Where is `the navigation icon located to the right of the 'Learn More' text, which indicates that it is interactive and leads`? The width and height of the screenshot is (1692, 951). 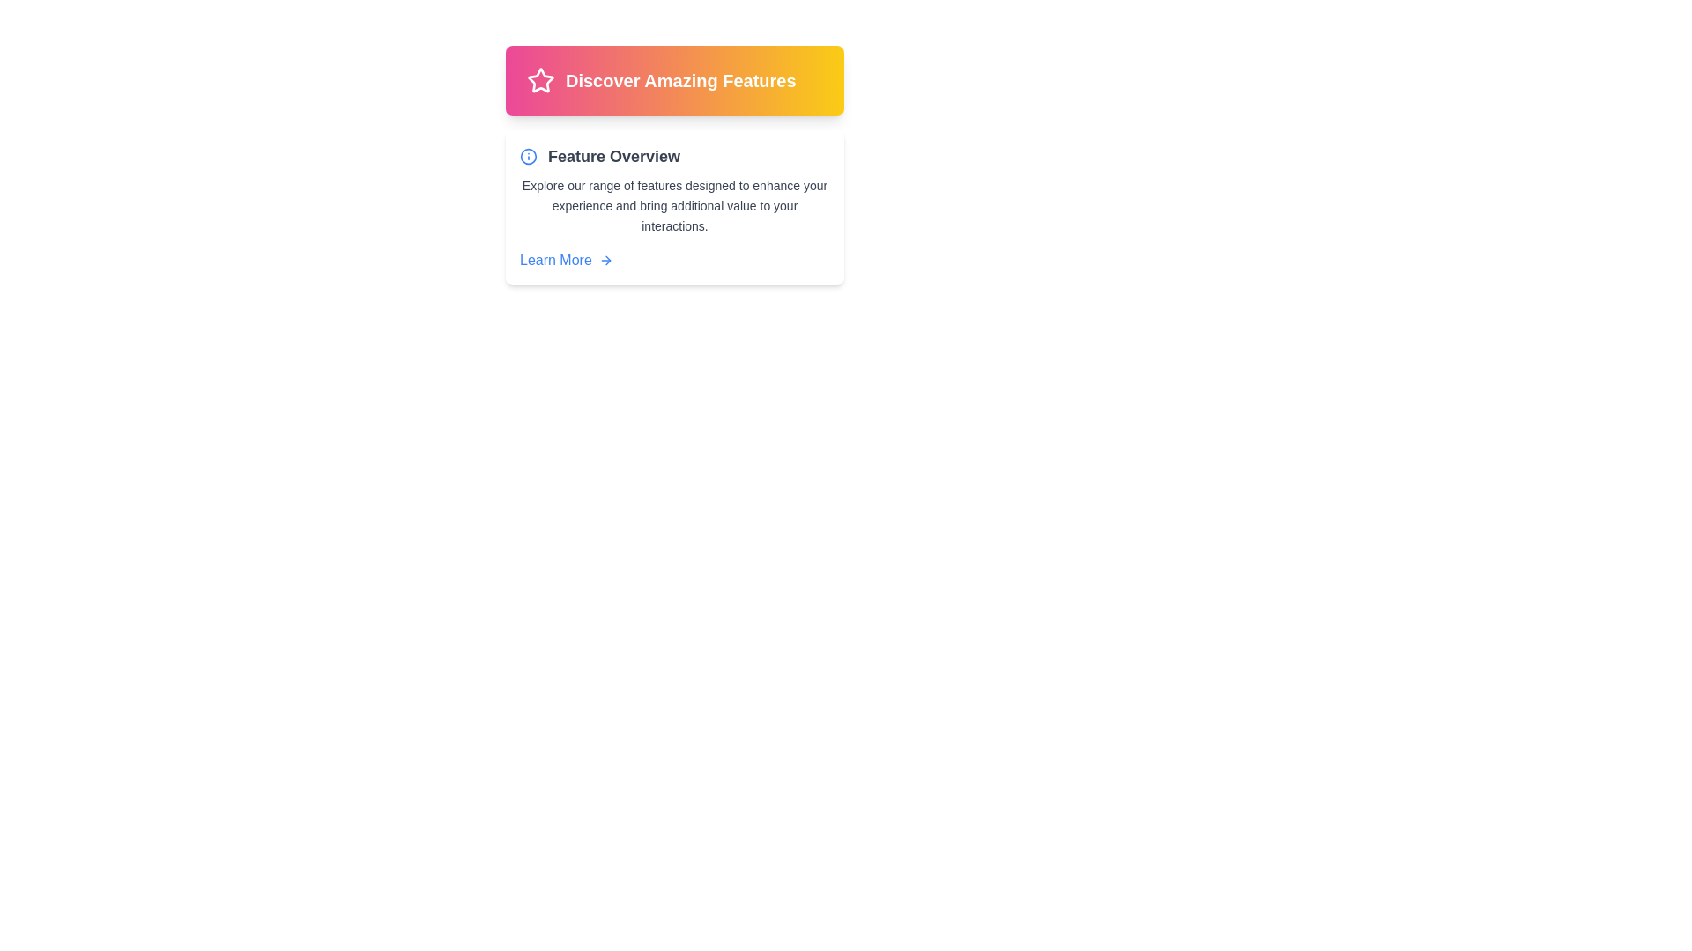 the navigation icon located to the right of the 'Learn More' text, which indicates that it is interactive and leads is located at coordinates (605, 261).